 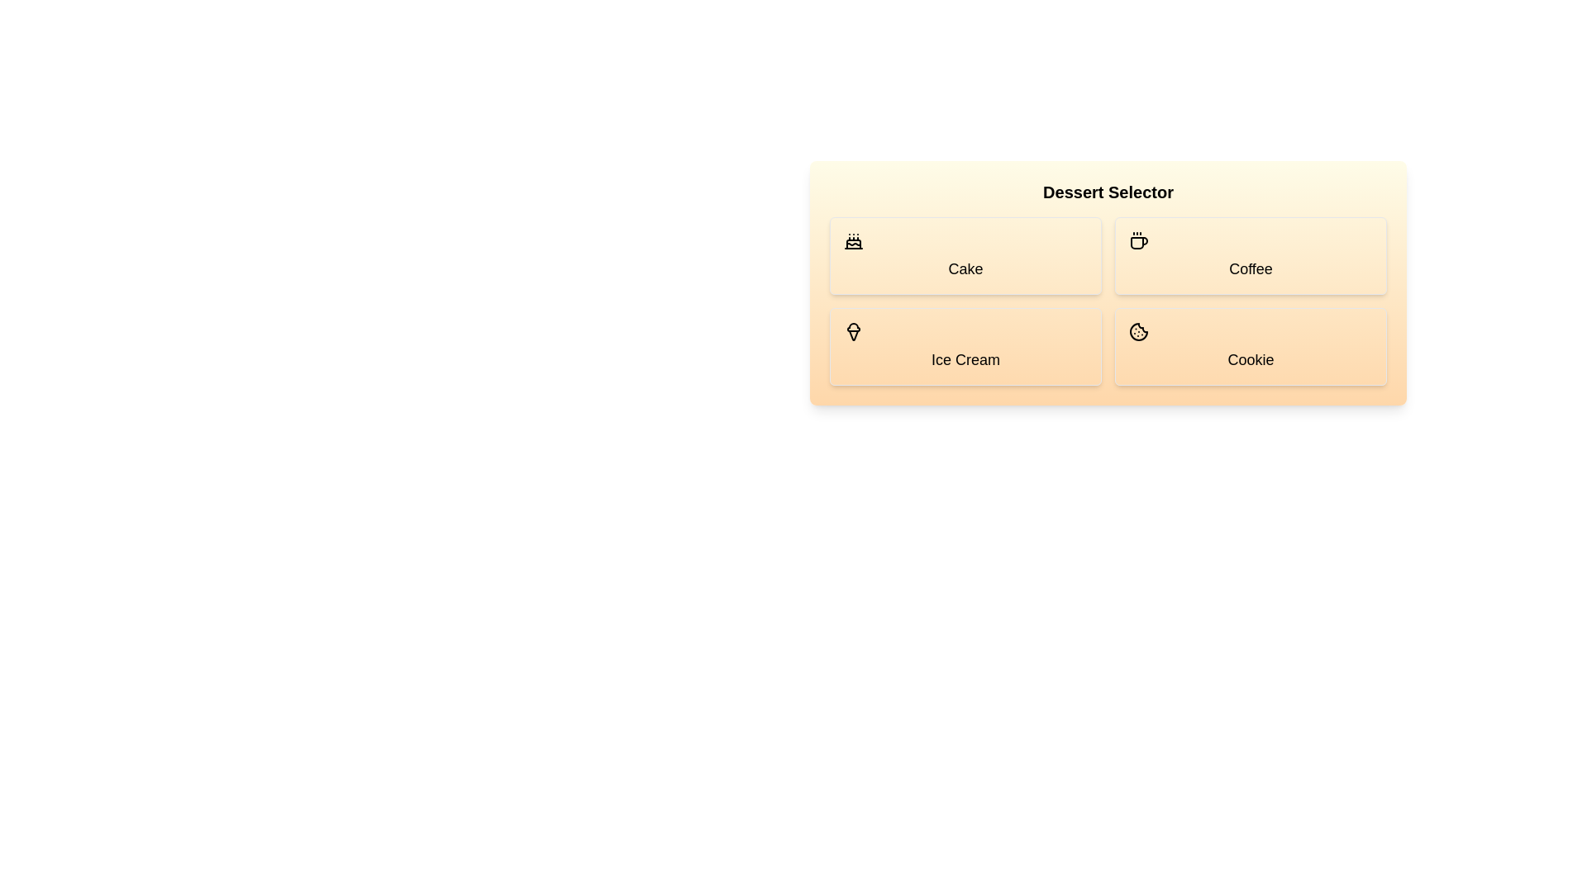 I want to click on the dessert Ice Cream by clicking its button, so click(x=965, y=346).